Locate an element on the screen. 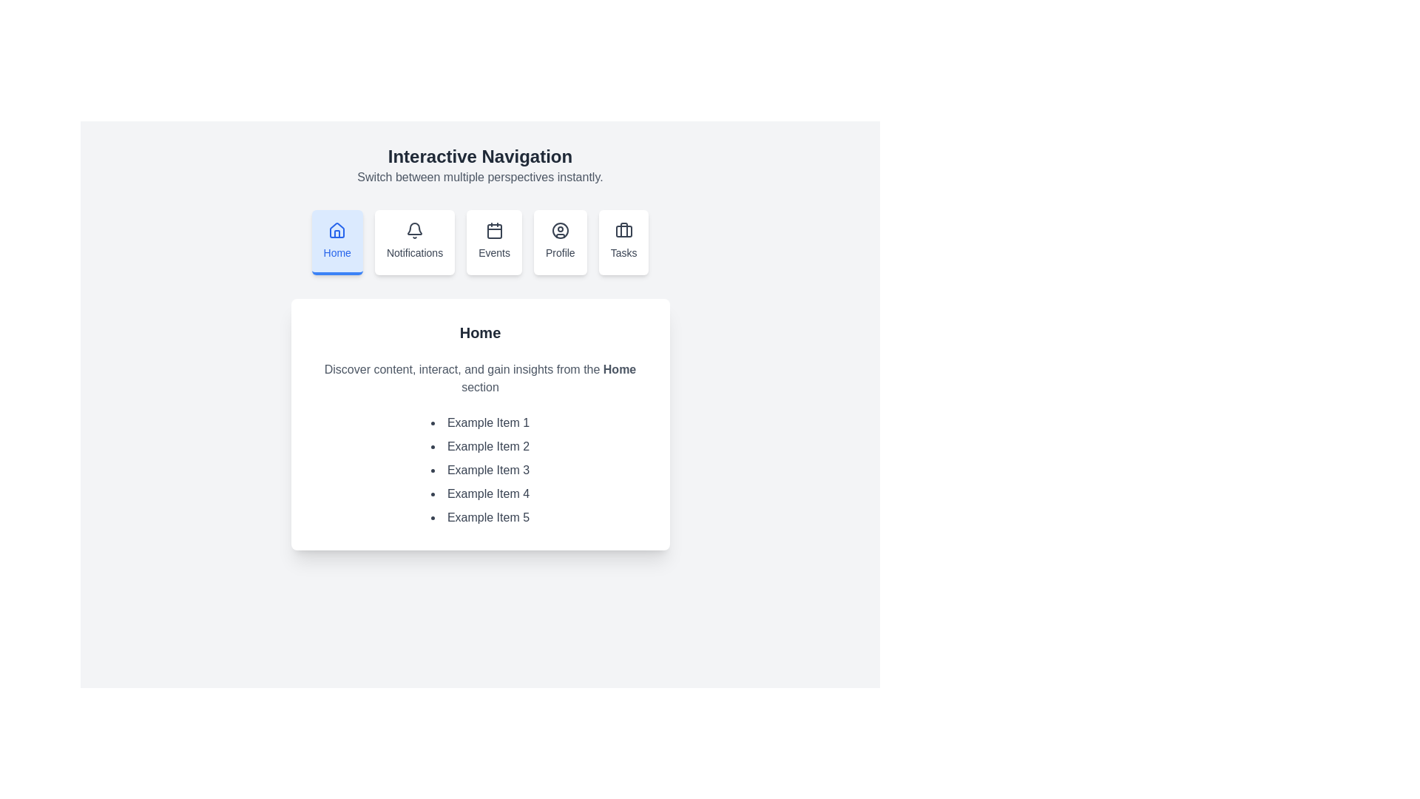 The height and width of the screenshot is (799, 1420). the 'Notifications' label, which is a small-sized, medium-weight text in dark color, positioned below a bell icon in the navigation button group is located at coordinates (414, 252).